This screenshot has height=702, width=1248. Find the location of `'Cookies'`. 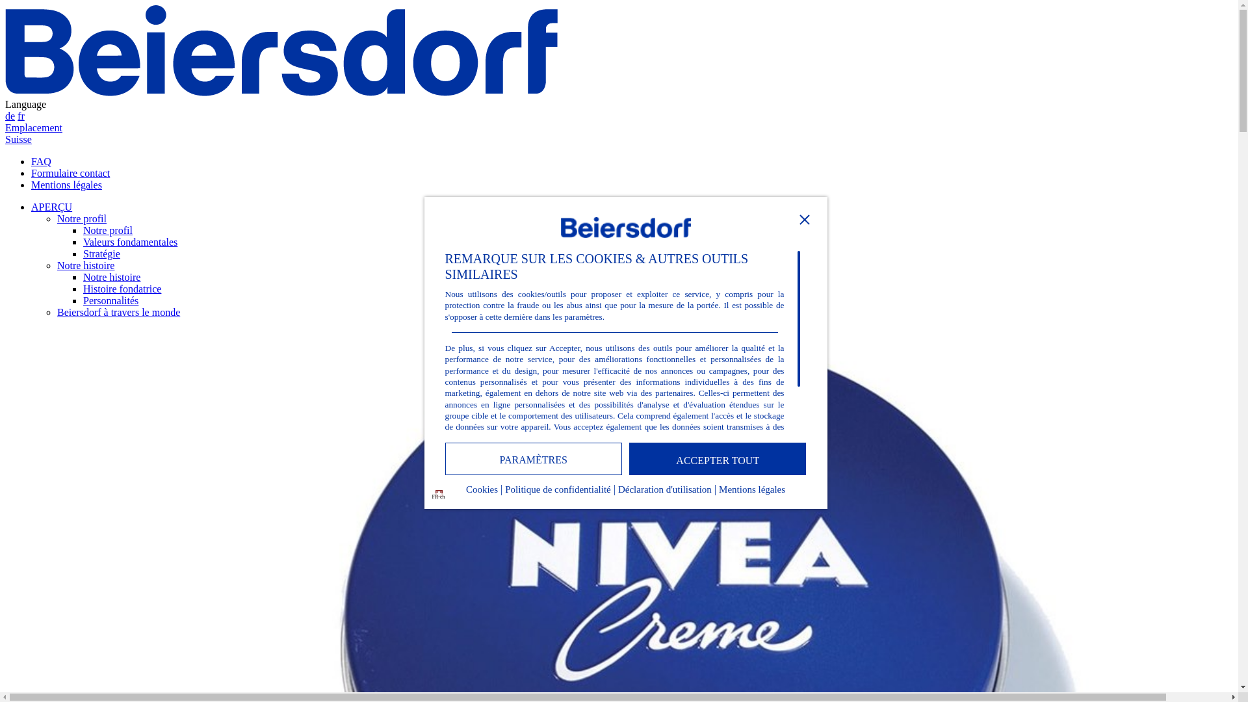

'Cookies' is located at coordinates (481, 492).